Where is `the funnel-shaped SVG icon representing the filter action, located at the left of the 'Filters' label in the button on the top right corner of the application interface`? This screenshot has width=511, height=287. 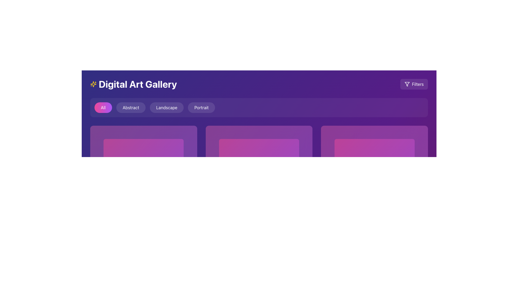
the funnel-shaped SVG icon representing the filter action, located at the left of the 'Filters' label in the button on the top right corner of the application interface is located at coordinates (407, 84).